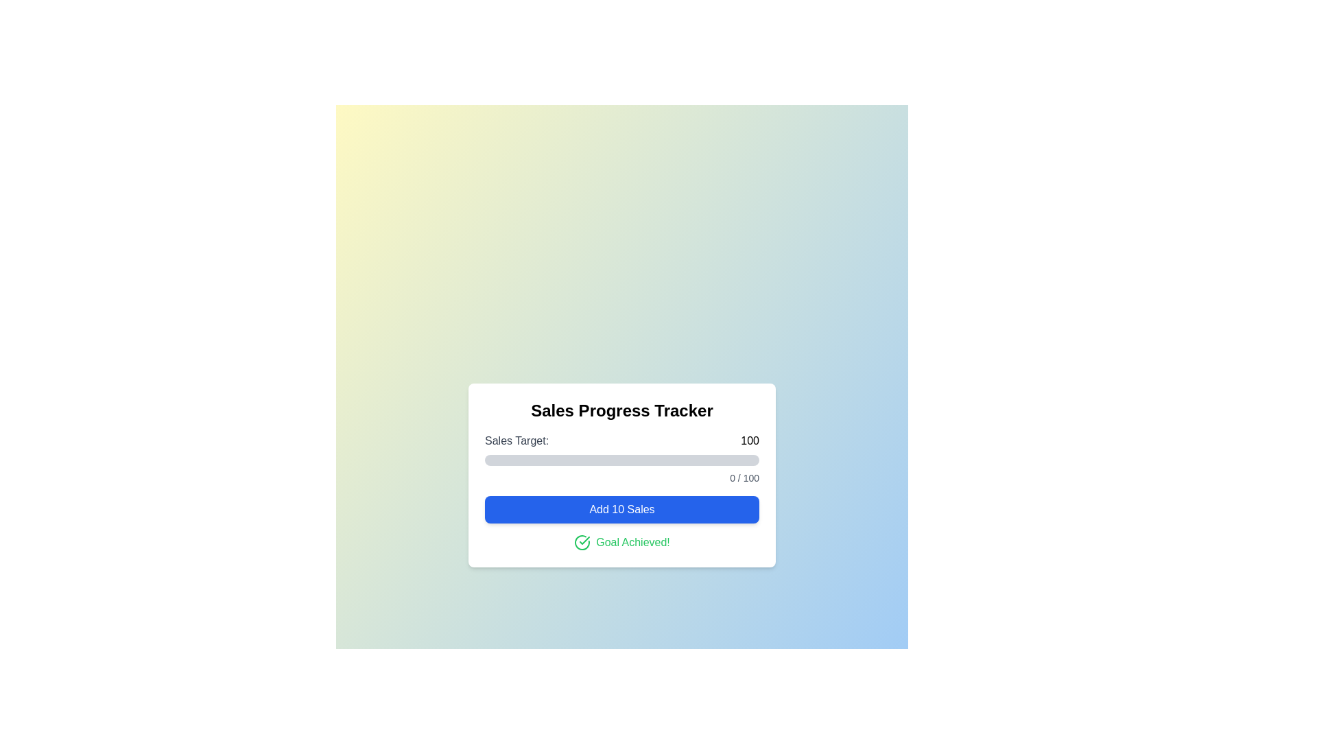 Image resolution: width=1317 pixels, height=741 pixels. Describe the element at coordinates (621, 460) in the screenshot. I see `the horizontal progress bar with a light gray background located beneath the 'Sales Target:' label and above the '0 / 100' progress indicator` at that location.